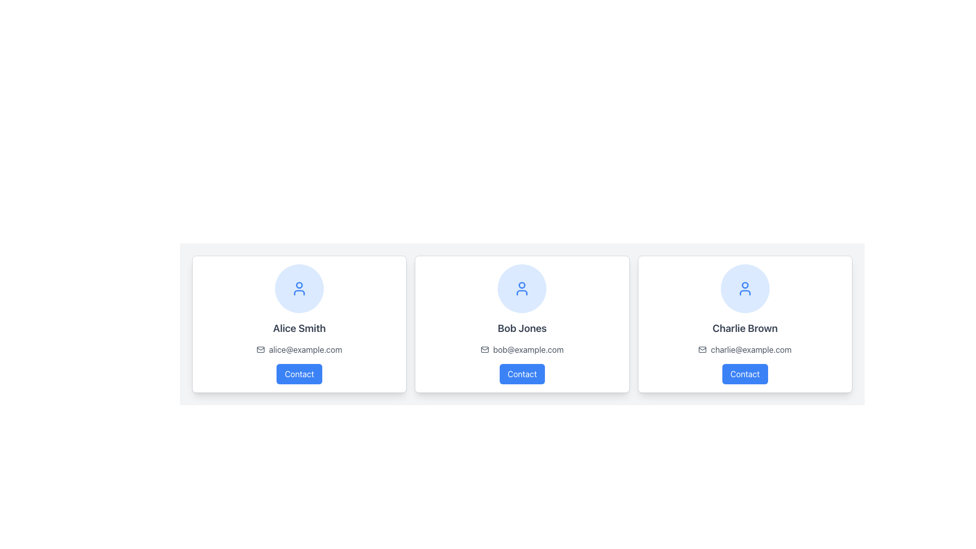 This screenshot has width=976, height=549. What do you see at coordinates (522, 288) in the screenshot?
I see `the profile icon button located at the top-center of the card labeled 'Bob Jones', which is the middle card in the trio` at bounding box center [522, 288].